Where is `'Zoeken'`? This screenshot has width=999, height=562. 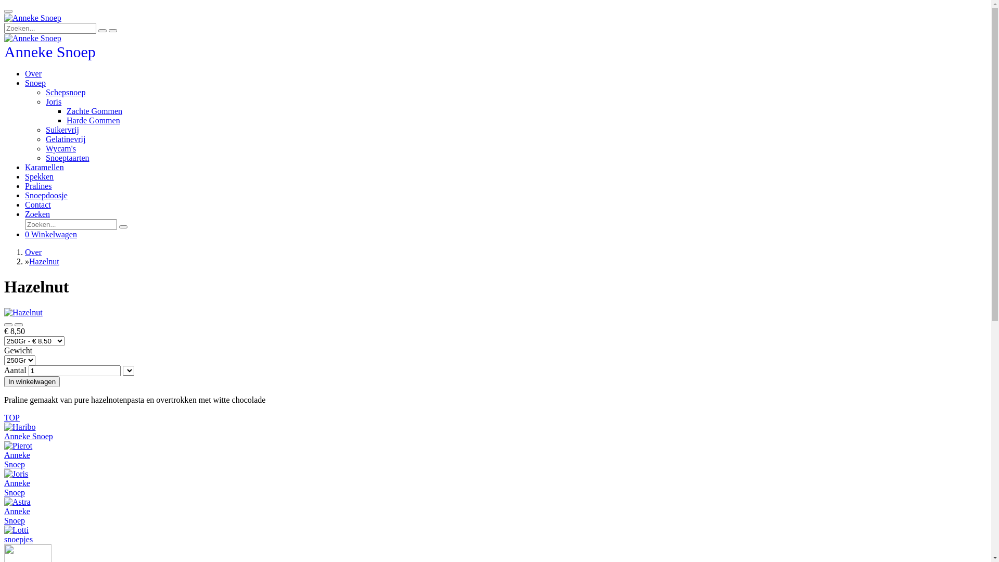 'Zoeken' is located at coordinates (37, 213).